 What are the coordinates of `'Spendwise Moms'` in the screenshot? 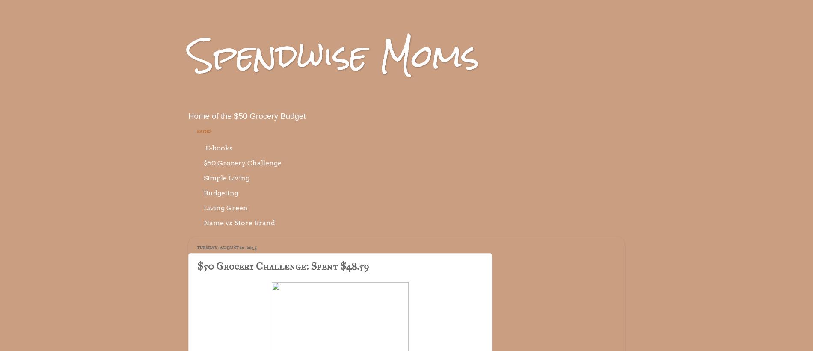 It's located at (333, 55).